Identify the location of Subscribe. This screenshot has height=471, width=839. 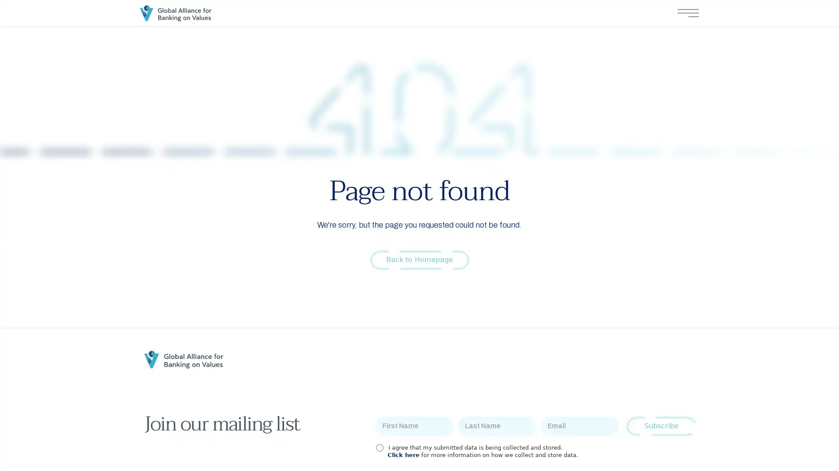
(661, 426).